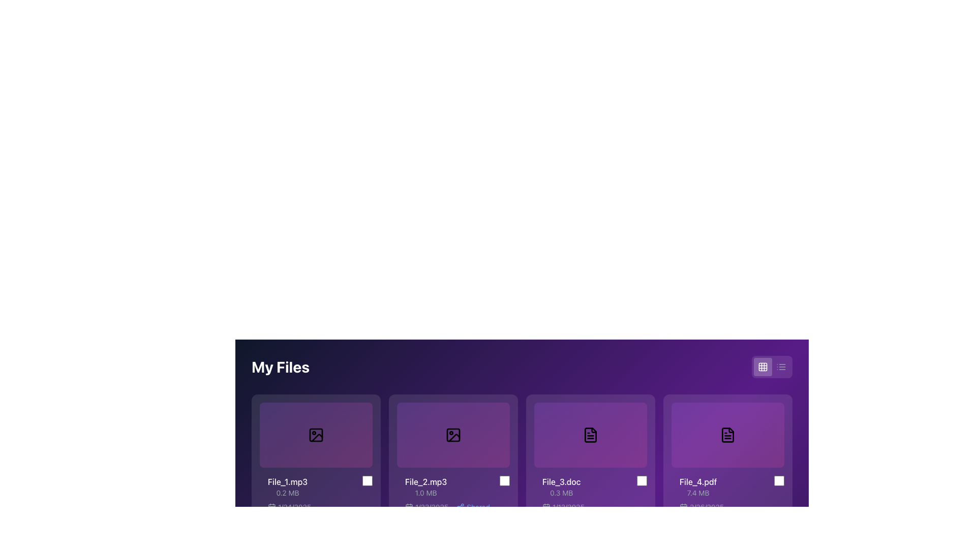 The width and height of the screenshot is (976, 549). Describe the element at coordinates (590, 456) in the screenshot. I see `the third card in the grid layout that represents a file, located between 'File_2.mp3' and 'File_4.pdf'` at that location.